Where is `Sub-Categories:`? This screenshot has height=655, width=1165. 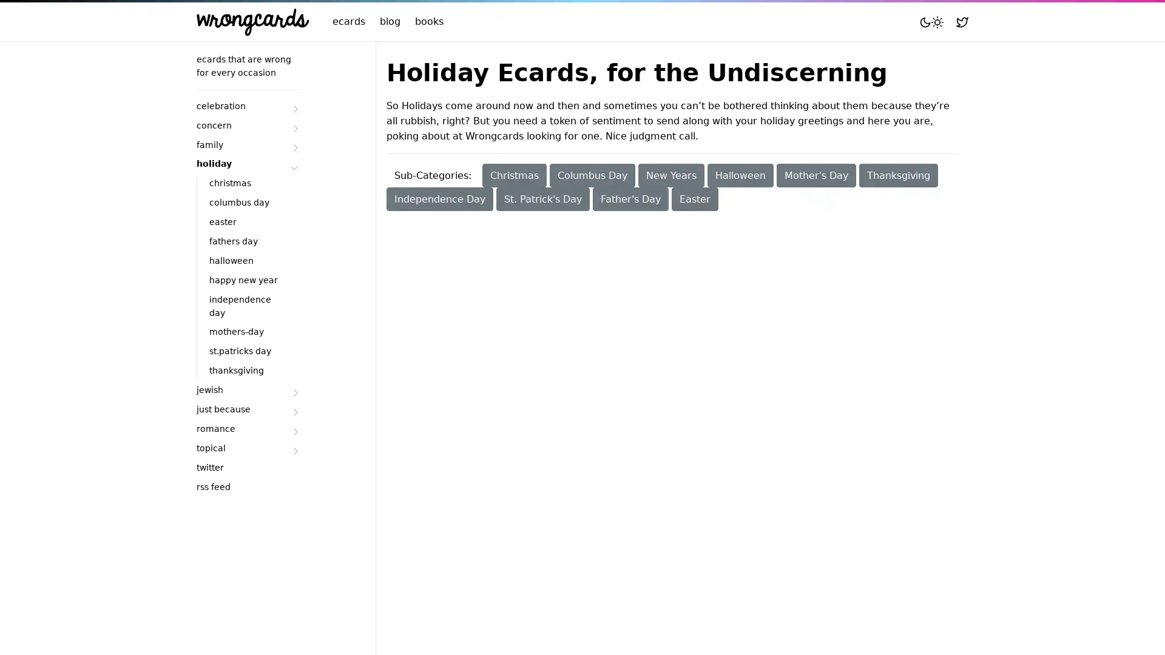
Sub-Categories: is located at coordinates (433, 175).